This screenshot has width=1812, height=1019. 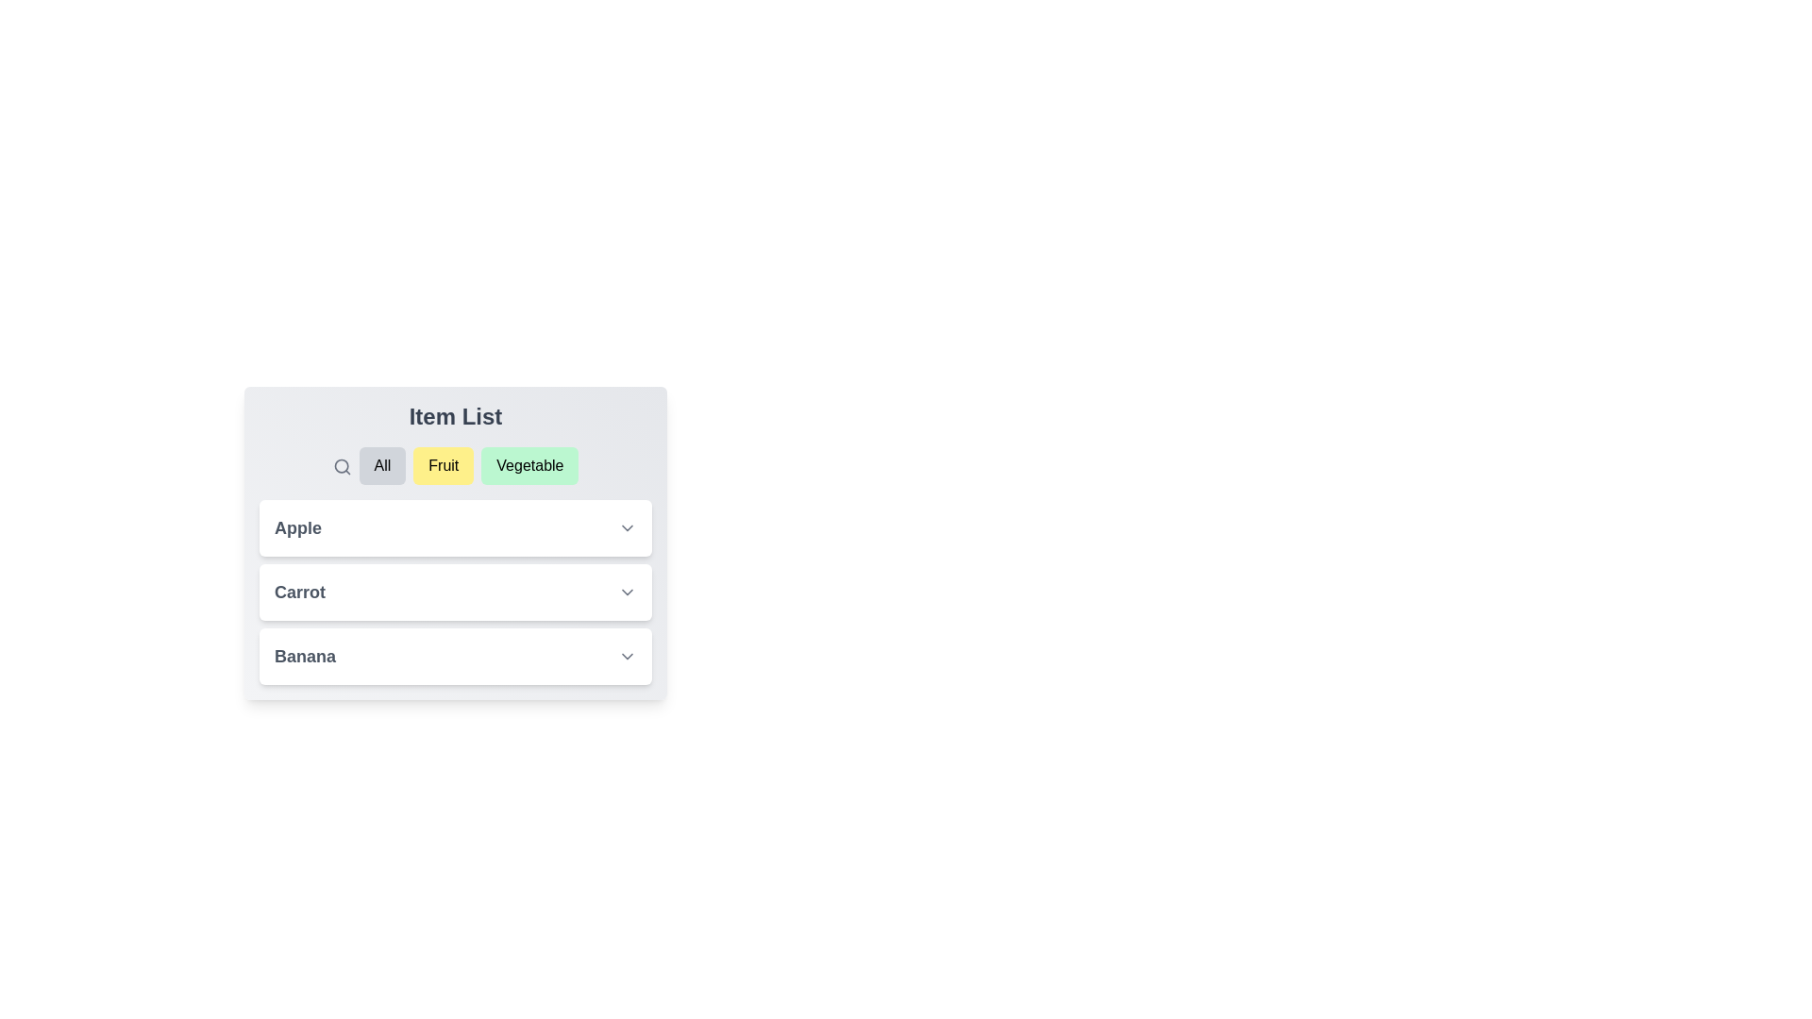 I want to click on dropdown button next to Carrot to expand and view its description, so click(x=628, y=592).